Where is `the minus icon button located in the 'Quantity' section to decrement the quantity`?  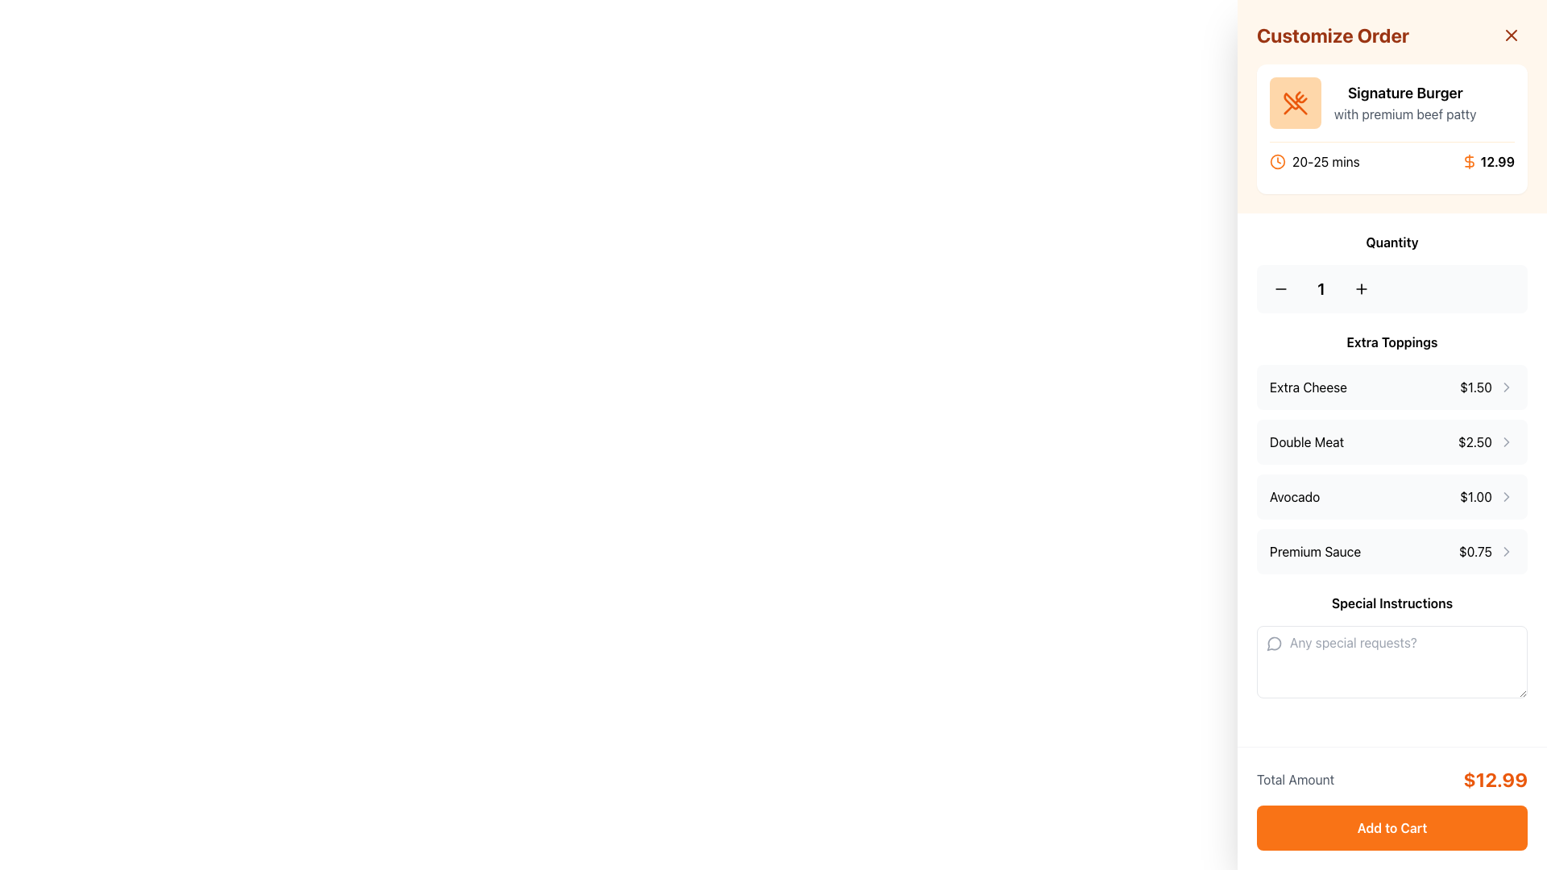 the minus icon button located in the 'Quantity' section to decrement the quantity is located at coordinates (1279, 288).